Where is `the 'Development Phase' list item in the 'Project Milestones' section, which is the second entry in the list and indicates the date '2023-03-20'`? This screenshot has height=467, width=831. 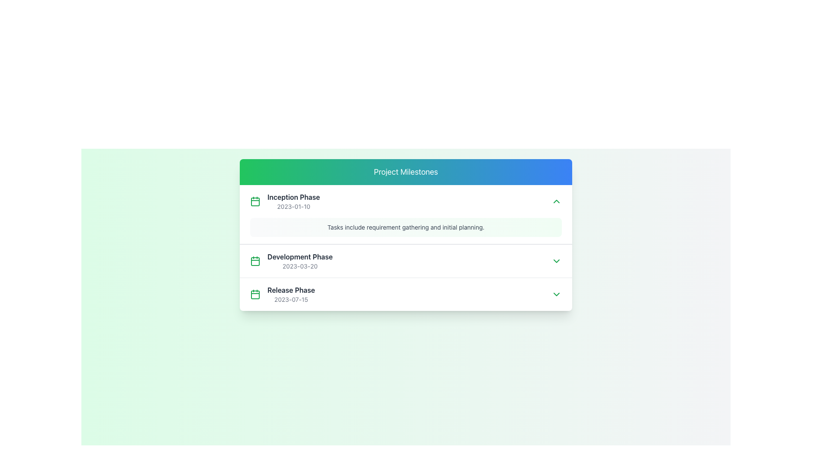
the 'Development Phase' list item in the 'Project Milestones' section, which is the second entry in the list and indicates the date '2023-03-20' is located at coordinates (291, 261).